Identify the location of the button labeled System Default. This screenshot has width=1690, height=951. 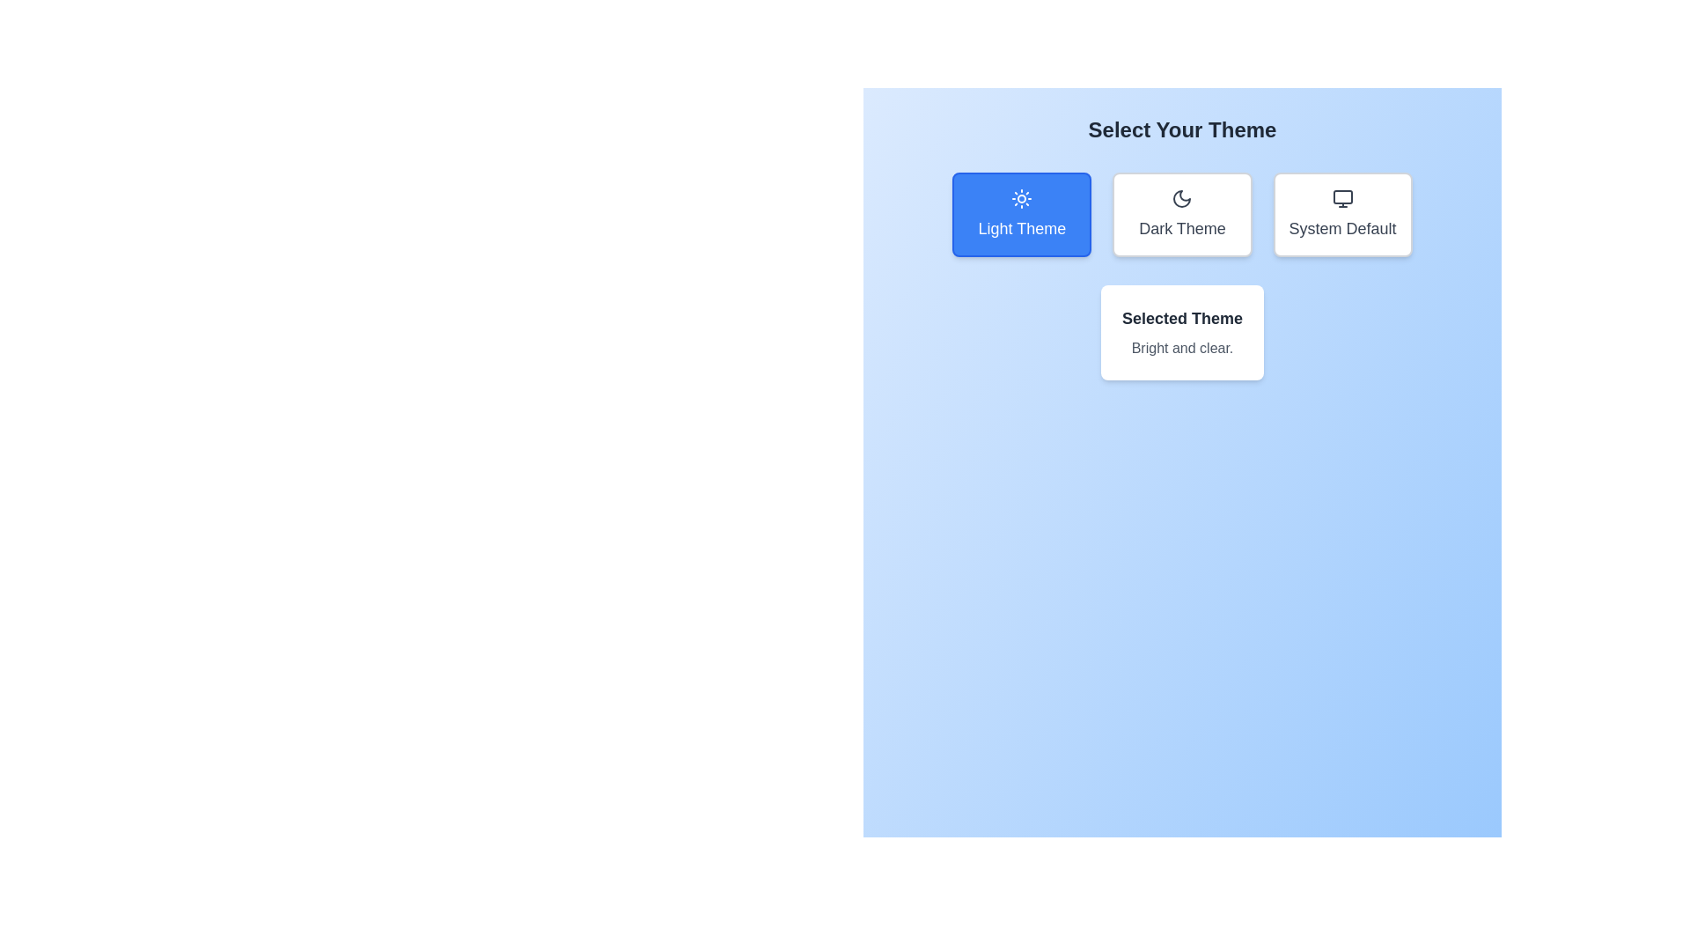
(1341, 213).